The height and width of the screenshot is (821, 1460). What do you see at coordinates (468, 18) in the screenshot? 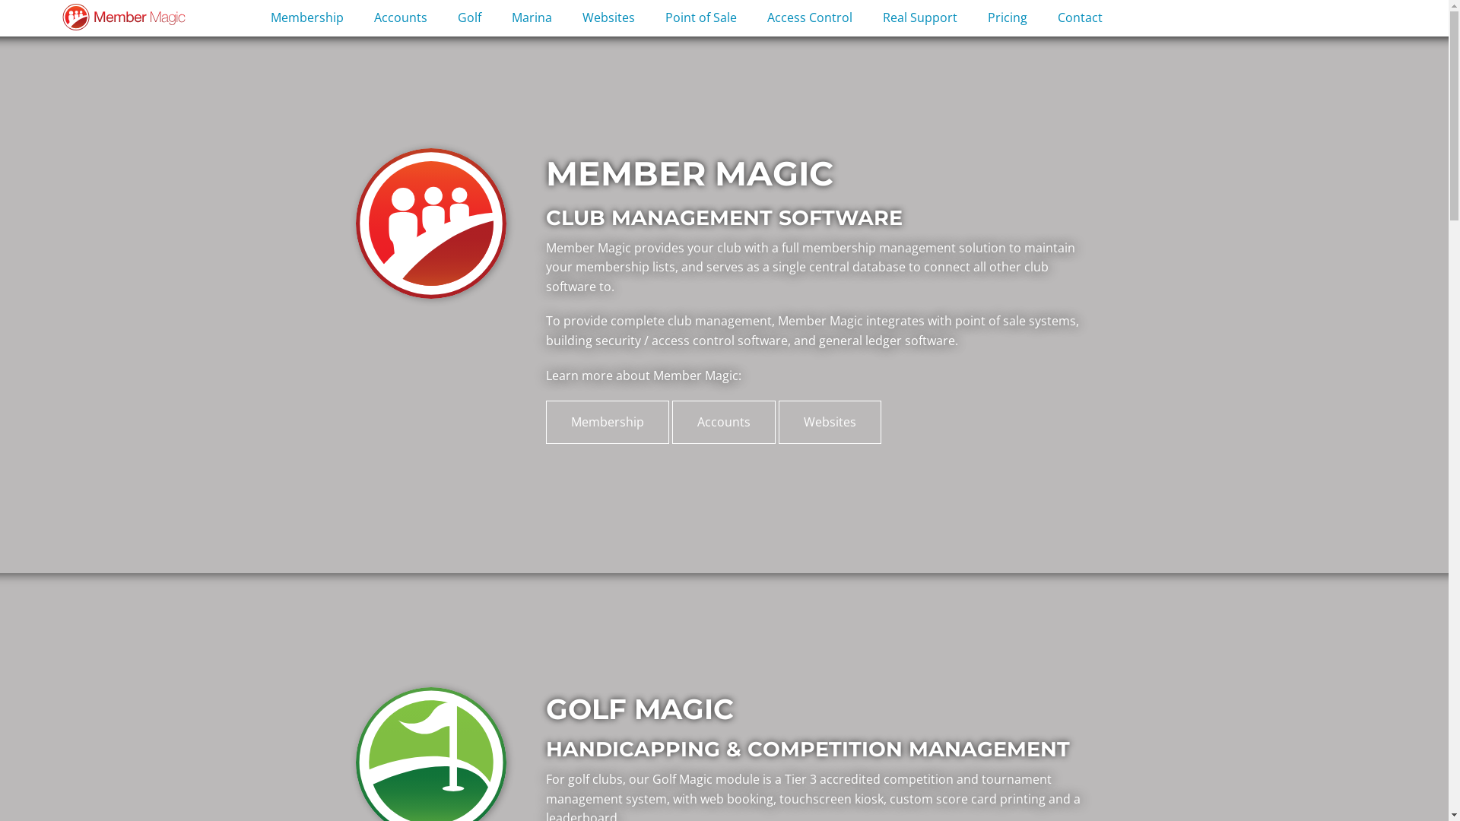
I see `'Golf'` at bounding box center [468, 18].